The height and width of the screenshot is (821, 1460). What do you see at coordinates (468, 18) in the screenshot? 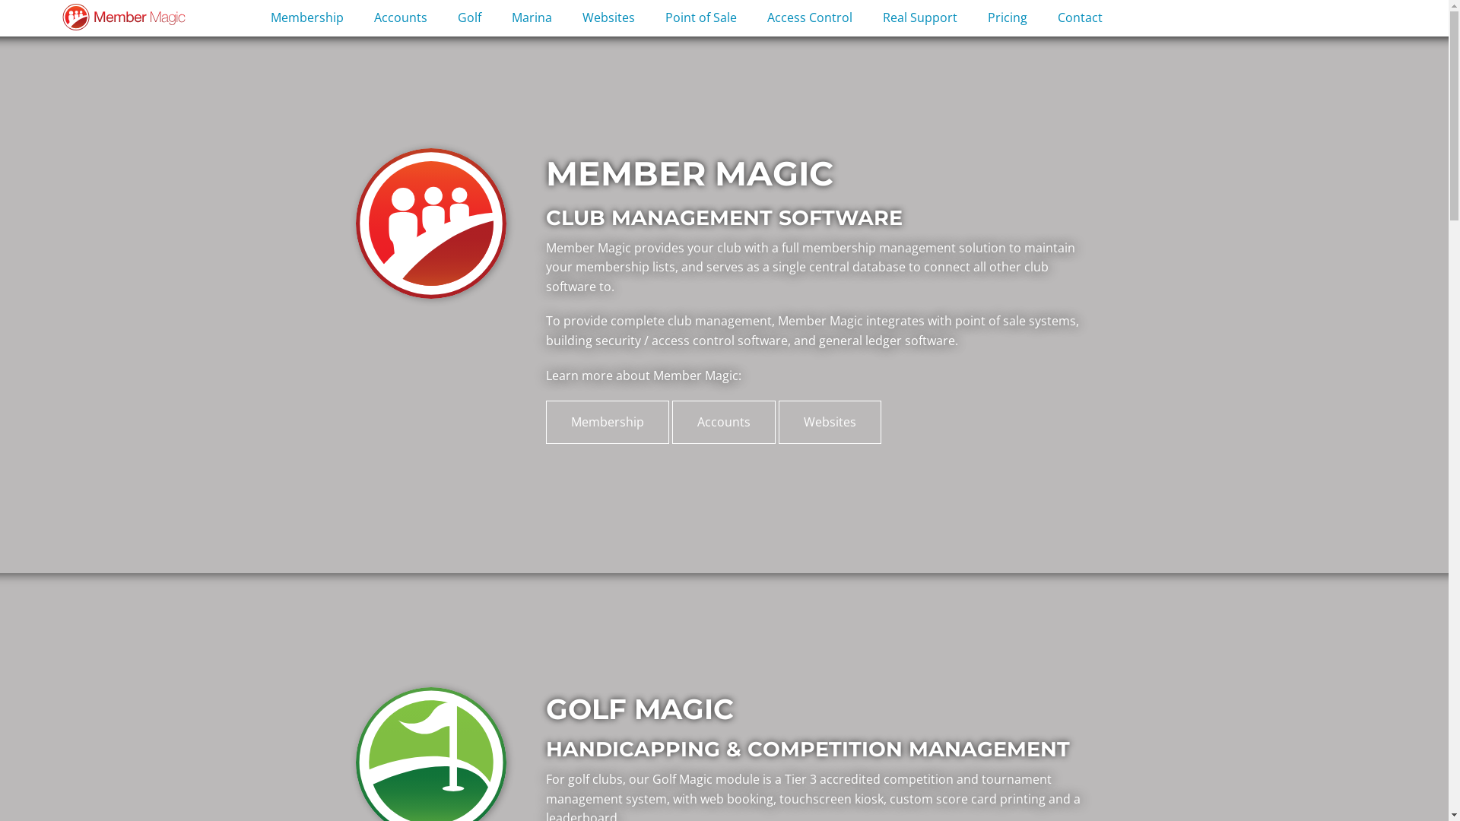
I see `'Golf'` at bounding box center [468, 18].